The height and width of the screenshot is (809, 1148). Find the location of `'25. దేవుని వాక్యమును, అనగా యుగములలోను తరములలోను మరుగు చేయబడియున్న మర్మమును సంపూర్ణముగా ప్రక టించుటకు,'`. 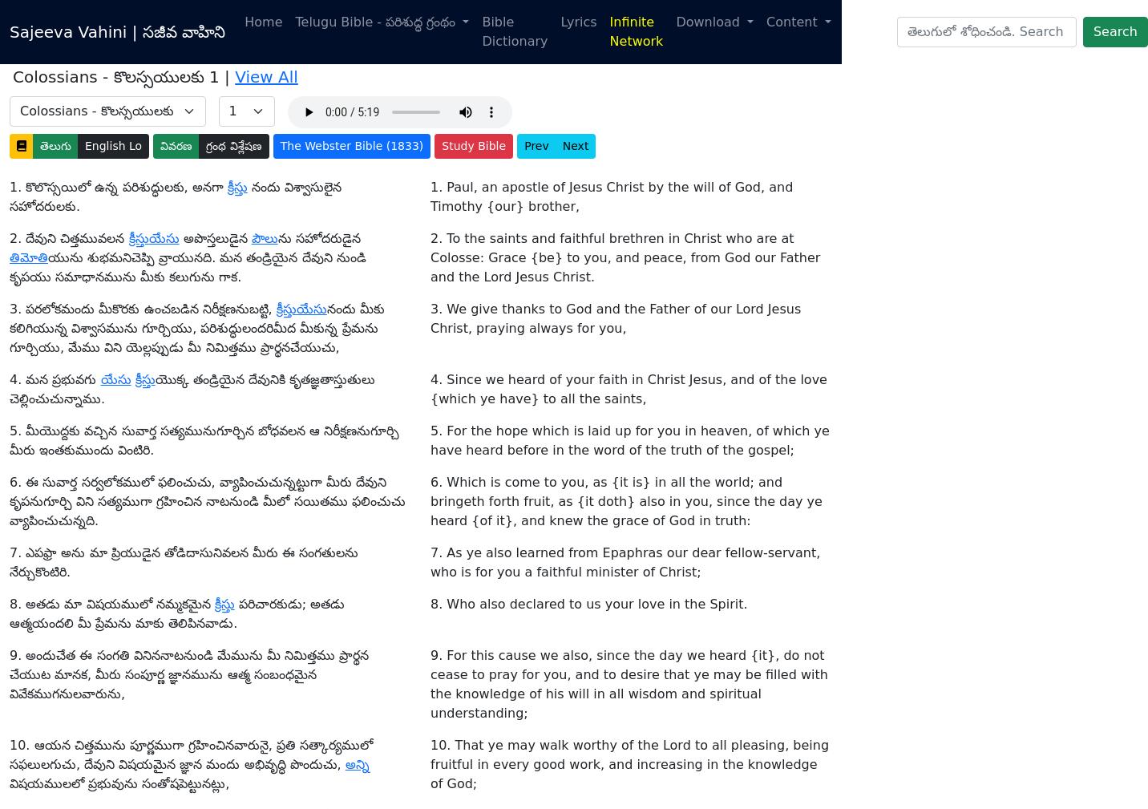

'25. దేవుని వాక్యమును, అనగా యుగములలోను తరములలోను మరుగు చేయబడియున్న మర్మమును సంపూర్ణముగా ప్రక టించుటకు,' is located at coordinates (188, 187).